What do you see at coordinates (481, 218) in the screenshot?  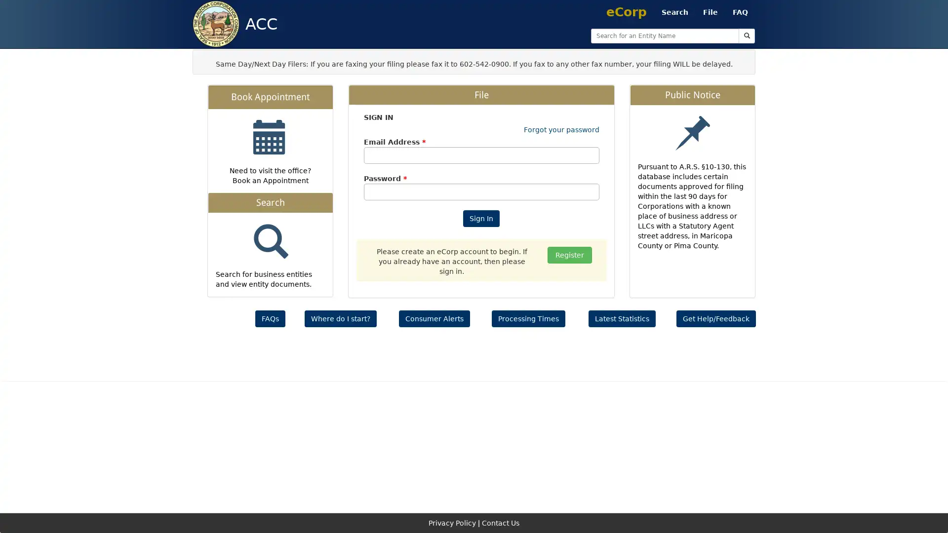 I see `Sign In` at bounding box center [481, 218].